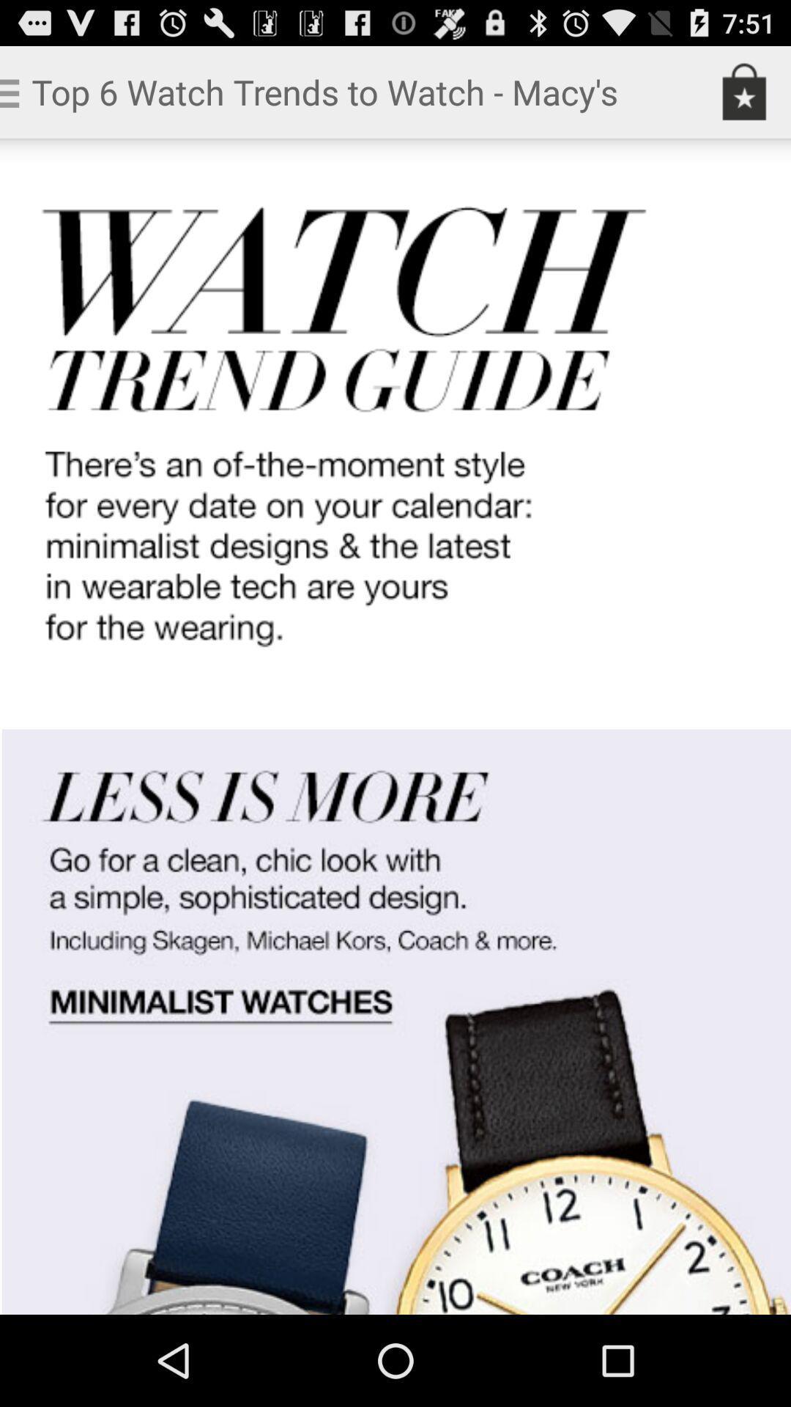 The image size is (791, 1407). Describe the element at coordinates (395, 726) in the screenshot. I see `click discriiption` at that location.